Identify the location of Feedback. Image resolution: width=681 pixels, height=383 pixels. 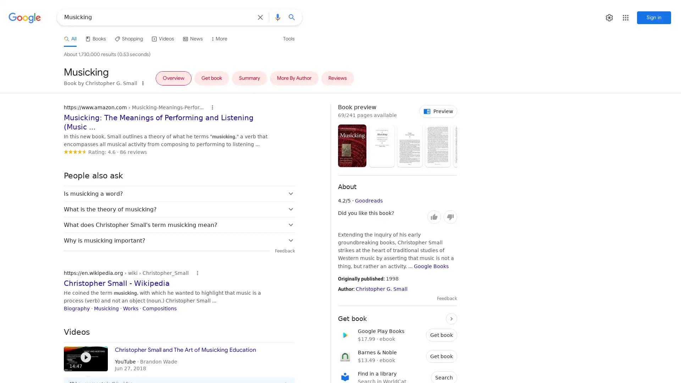
(447, 298).